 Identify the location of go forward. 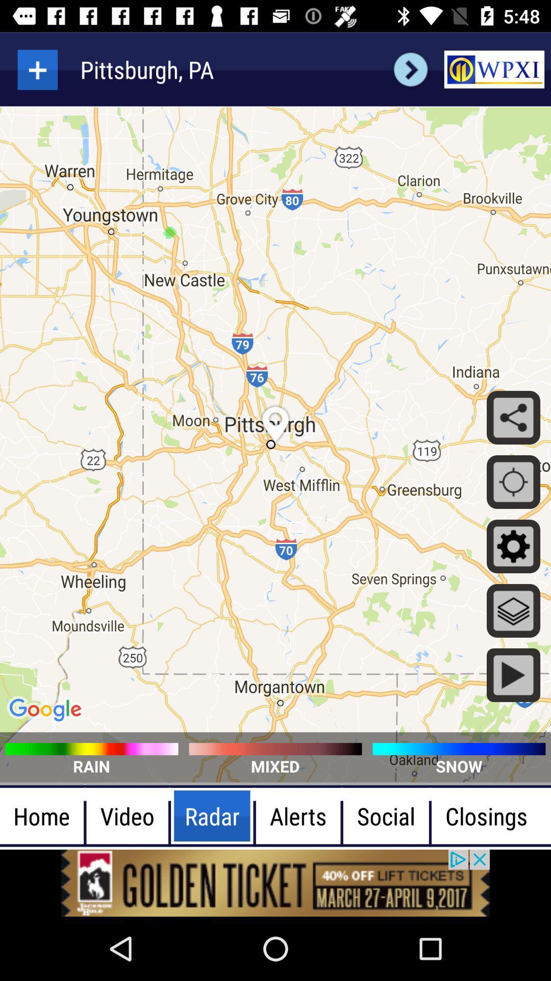
(410, 69).